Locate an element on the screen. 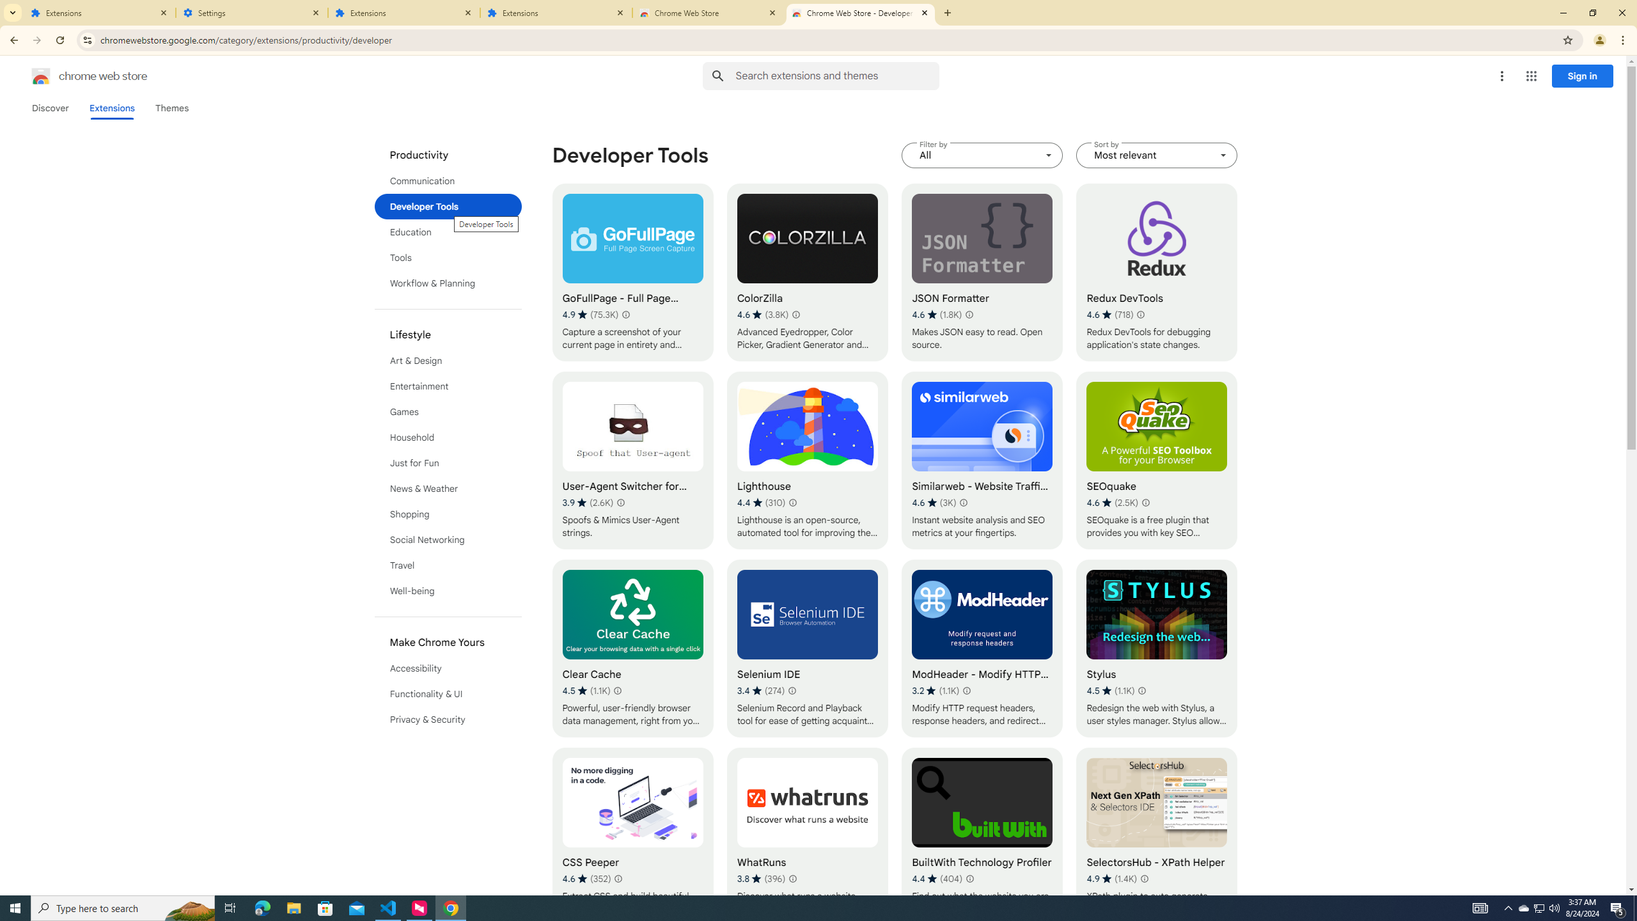 The width and height of the screenshot is (1637, 921). 'Stylus' is located at coordinates (1155, 649).